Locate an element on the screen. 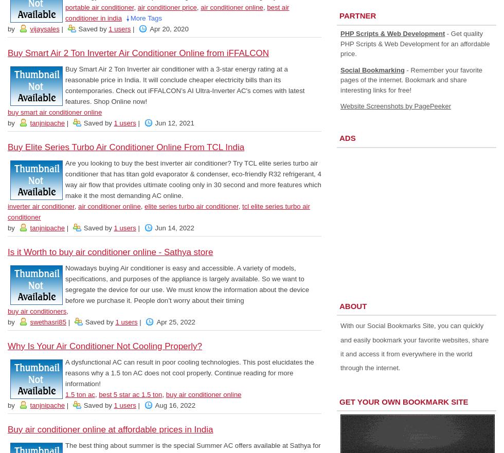  'Partner' is located at coordinates (357, 15).